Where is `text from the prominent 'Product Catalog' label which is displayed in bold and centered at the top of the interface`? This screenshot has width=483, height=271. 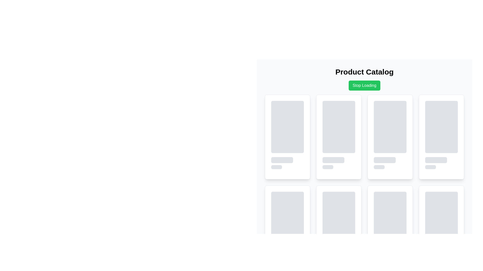
text from the prominent 'Product Catalog' label which is displayed in bold and centered at the top of the interface is located at coordinates (365, 72).